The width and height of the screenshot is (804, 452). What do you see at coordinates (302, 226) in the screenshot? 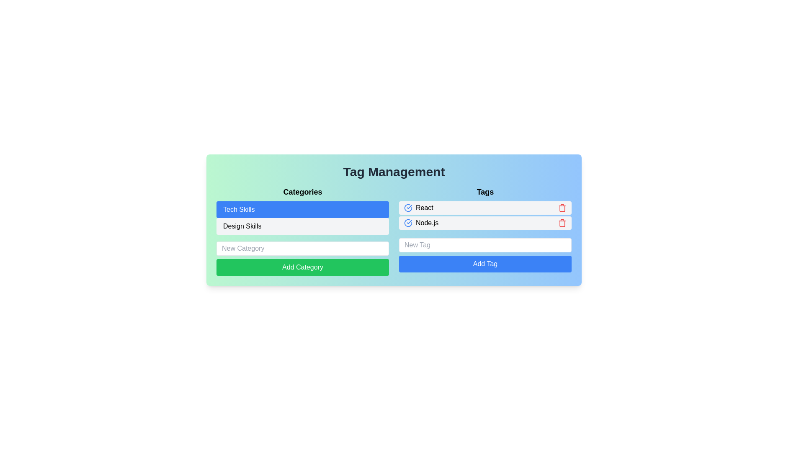
I see `the 'Design Skills' button` at bounding box center [302, 226].